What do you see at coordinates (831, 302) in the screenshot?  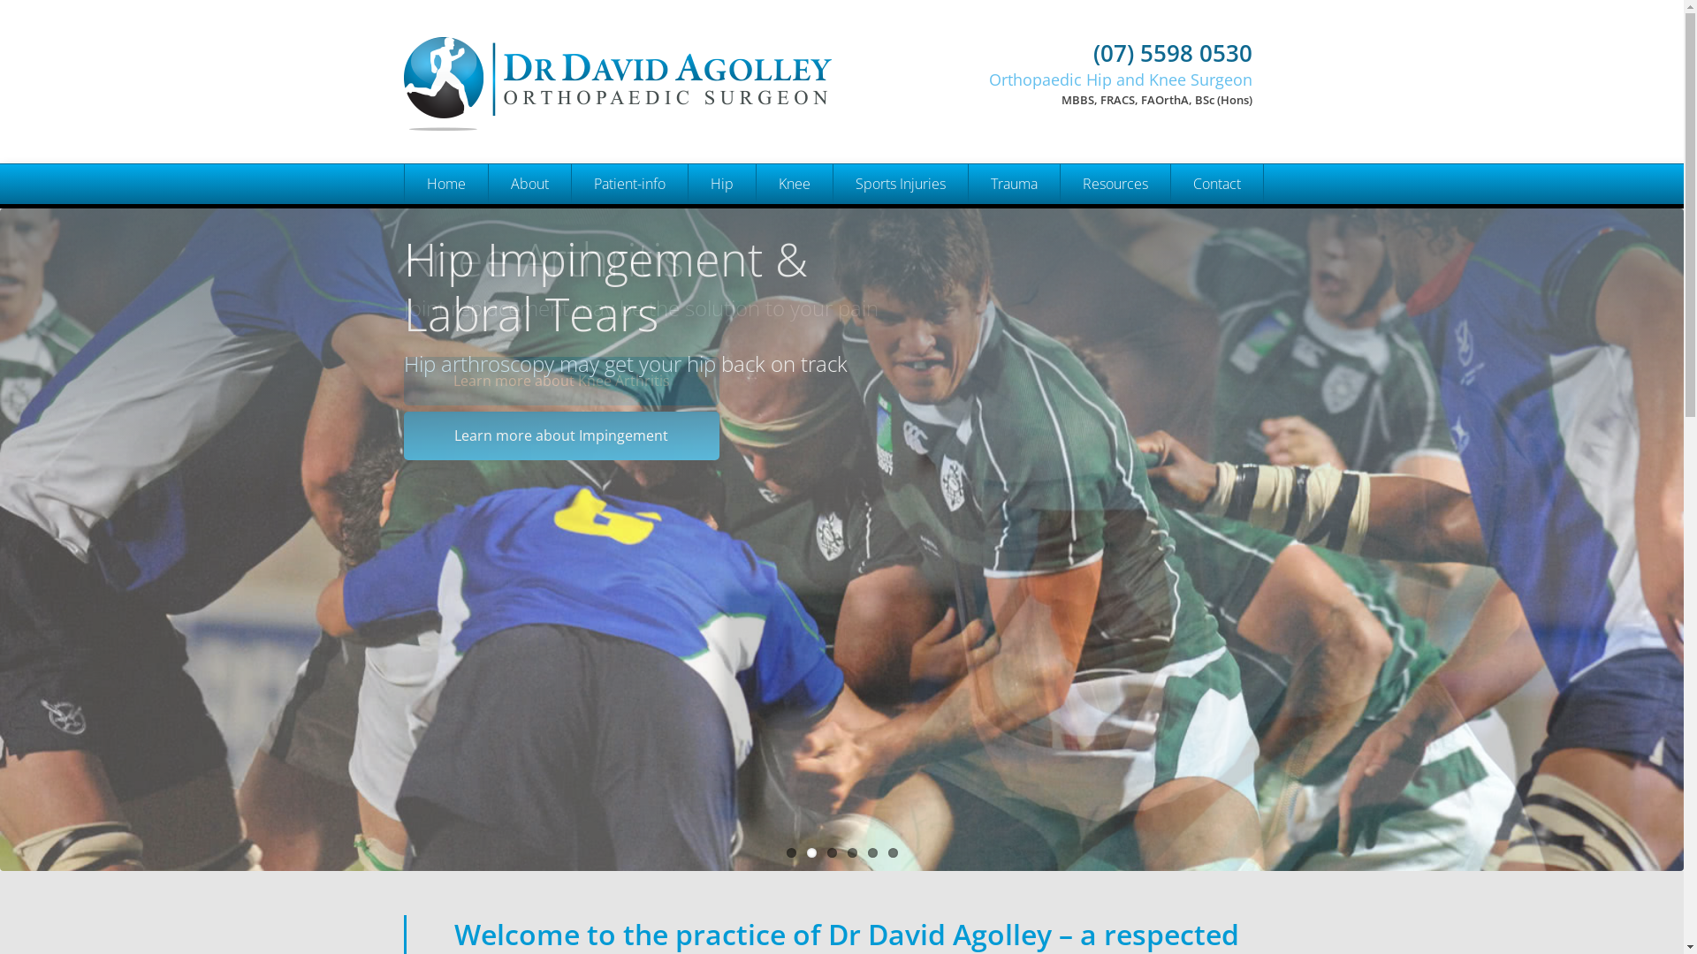 I see `'Hip Ligamentum Teres Tear'` at bounding box center [831, 302].